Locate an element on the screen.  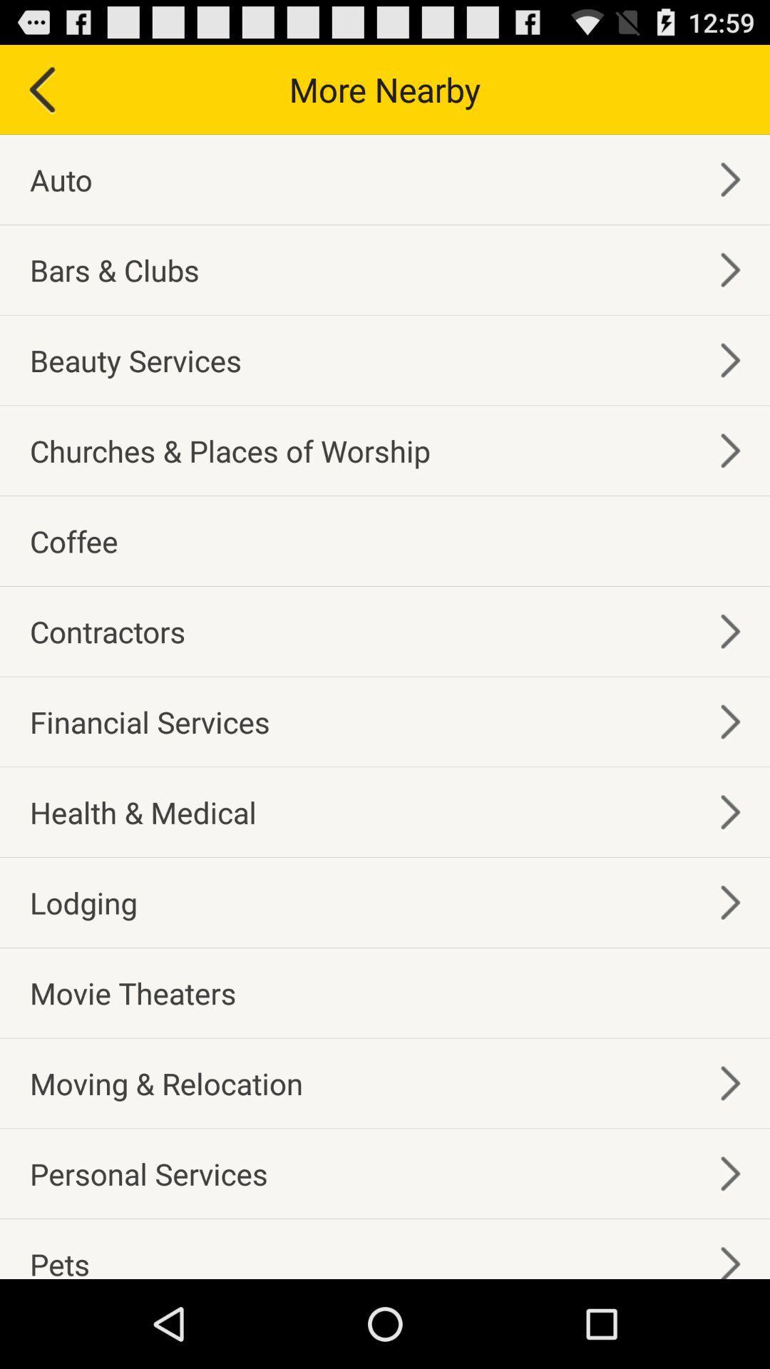
item above beauty services is located at coordinates (113, 270).